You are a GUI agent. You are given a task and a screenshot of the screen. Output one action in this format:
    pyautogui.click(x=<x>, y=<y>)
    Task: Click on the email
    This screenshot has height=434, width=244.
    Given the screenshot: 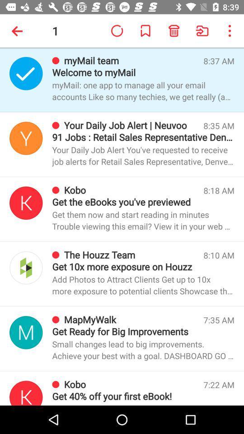 What is the action you would take?
    pyautogui.click(x=26, y=73)
    